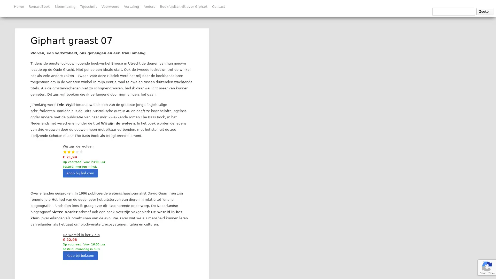  I want to click on Zoeken, so click(484, 12).